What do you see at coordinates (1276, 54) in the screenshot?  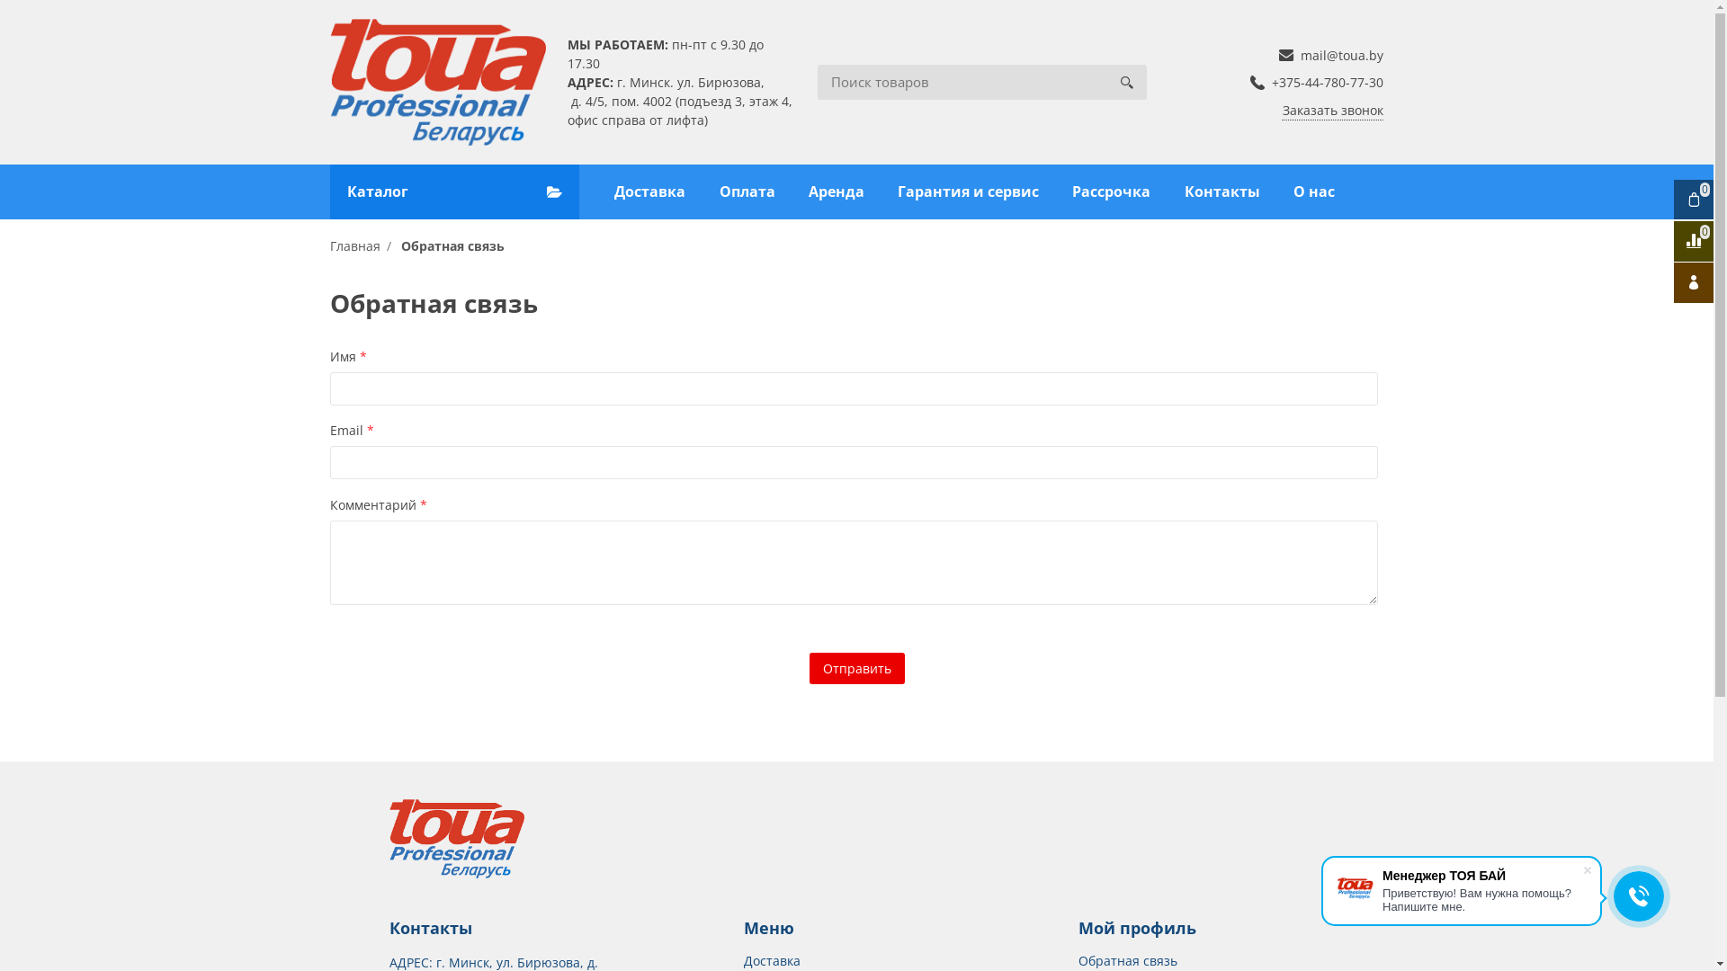 I see `'mail@toua.by'` at bounding box center [1276, 54].